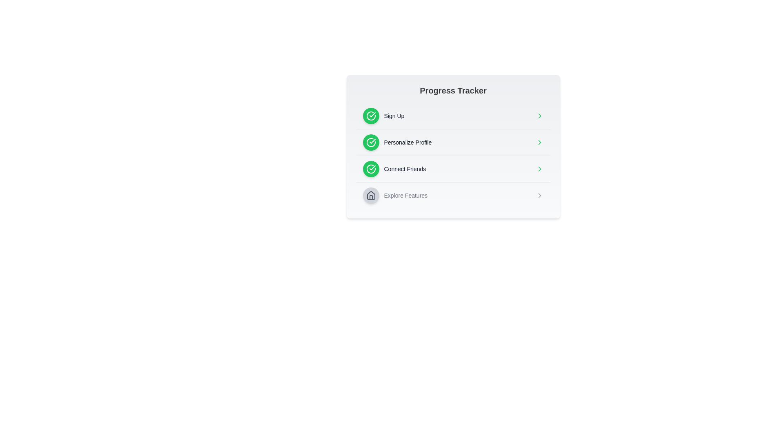  I want to click on the navigation arrow icon located to the far right of the 'Explore Features' label, which is the fourth item in the list of progress indicators below the 'Connect Friends' item, so click(539, 195).